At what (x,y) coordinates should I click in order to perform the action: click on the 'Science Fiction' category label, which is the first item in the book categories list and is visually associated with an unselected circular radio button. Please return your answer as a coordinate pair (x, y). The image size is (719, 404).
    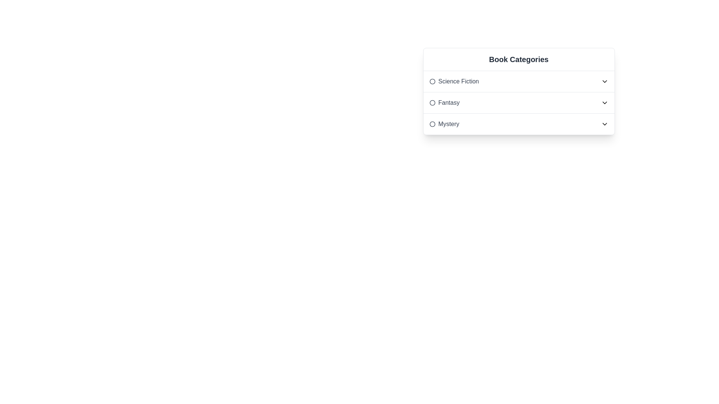
    Looking at the image, I should click on (458, 82).